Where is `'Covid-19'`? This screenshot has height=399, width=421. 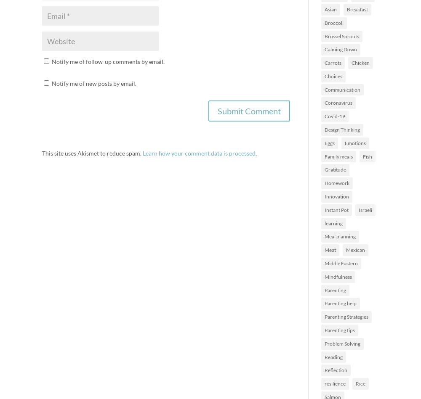
'Covid-19' is located at coordinates (325, 116).